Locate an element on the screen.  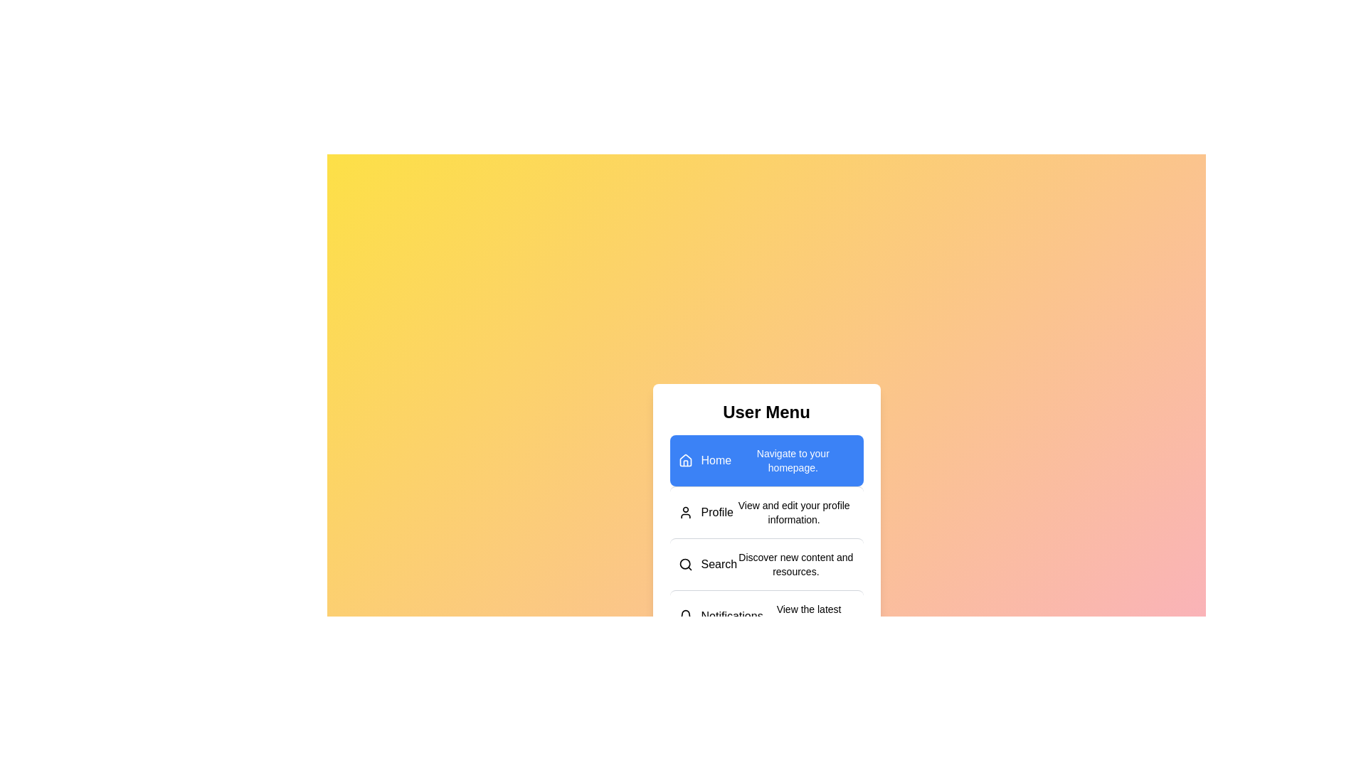
the menu item labeled Notifications to change the selected option is located at coordinates (766, 615).